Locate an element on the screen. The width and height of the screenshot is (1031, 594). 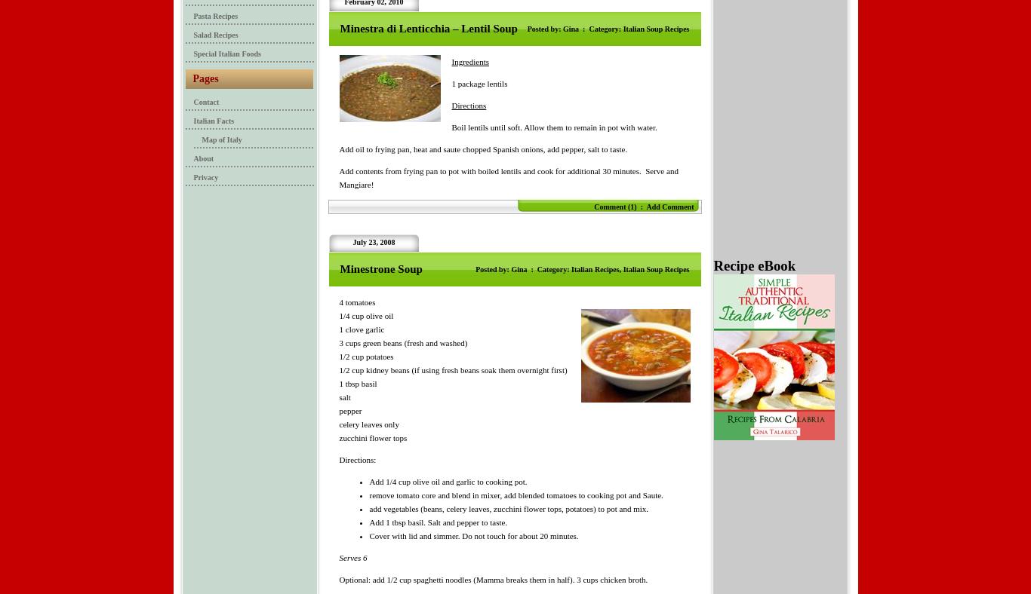
',' is located at coordinates (620, 269).